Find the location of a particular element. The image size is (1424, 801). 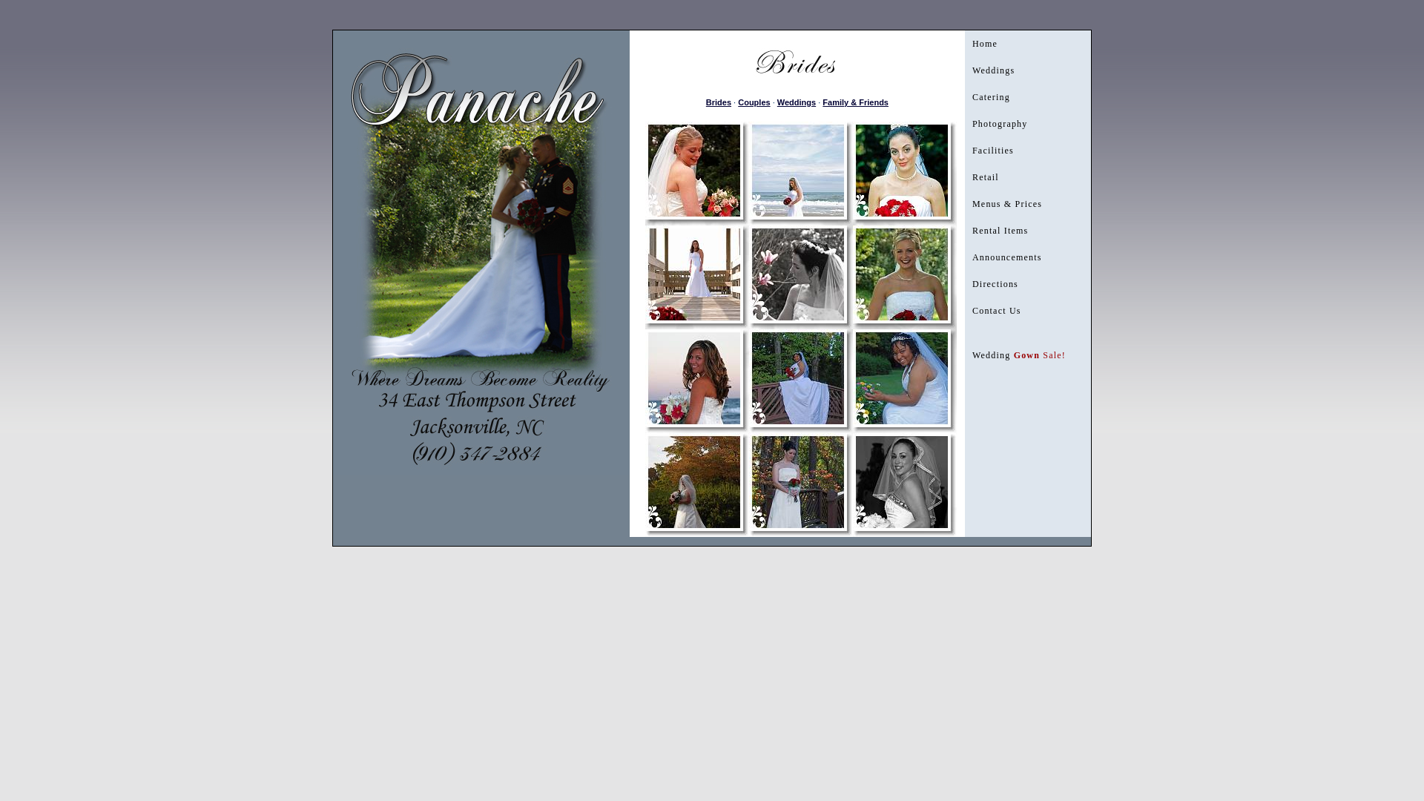

'Announcements' is located at coordinates (964, 257).